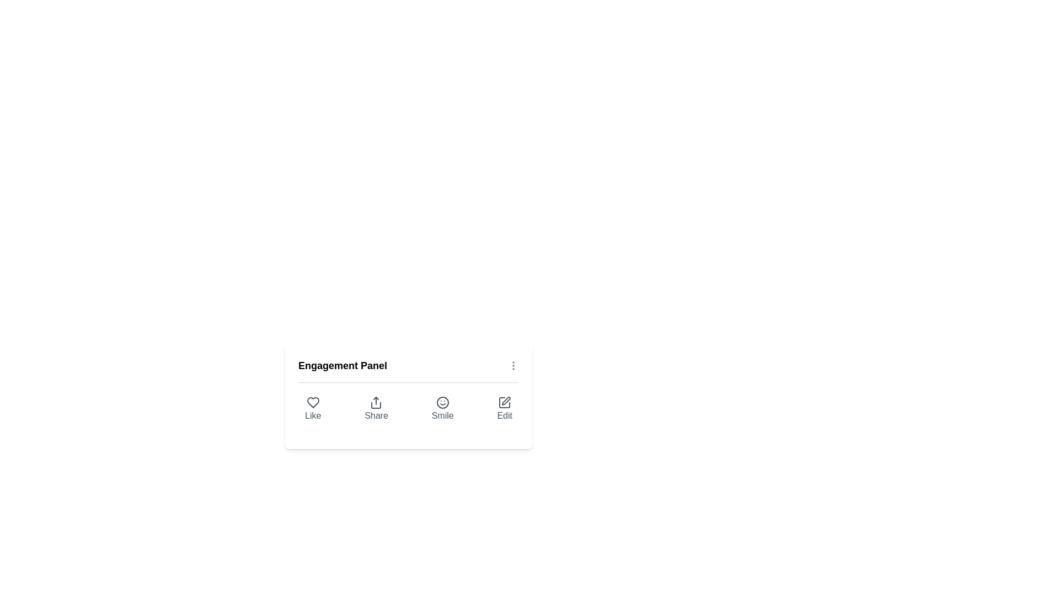 This screenshot has width=1059, height=595. What do you see at coordinates (442, 416) in the screenshot?
I see `the text label for the smiley face button, which describes the action associated with 'Smile'` at bounding box center [442, 416].